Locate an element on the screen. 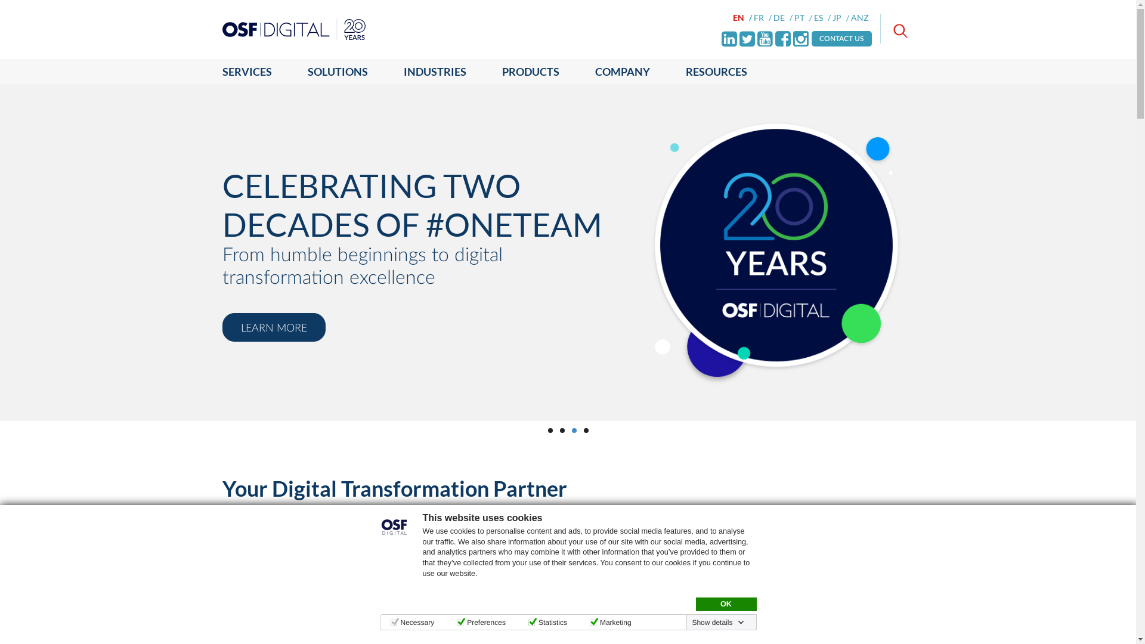  'SOLUTIONS' is located at coordinates (337, 71).